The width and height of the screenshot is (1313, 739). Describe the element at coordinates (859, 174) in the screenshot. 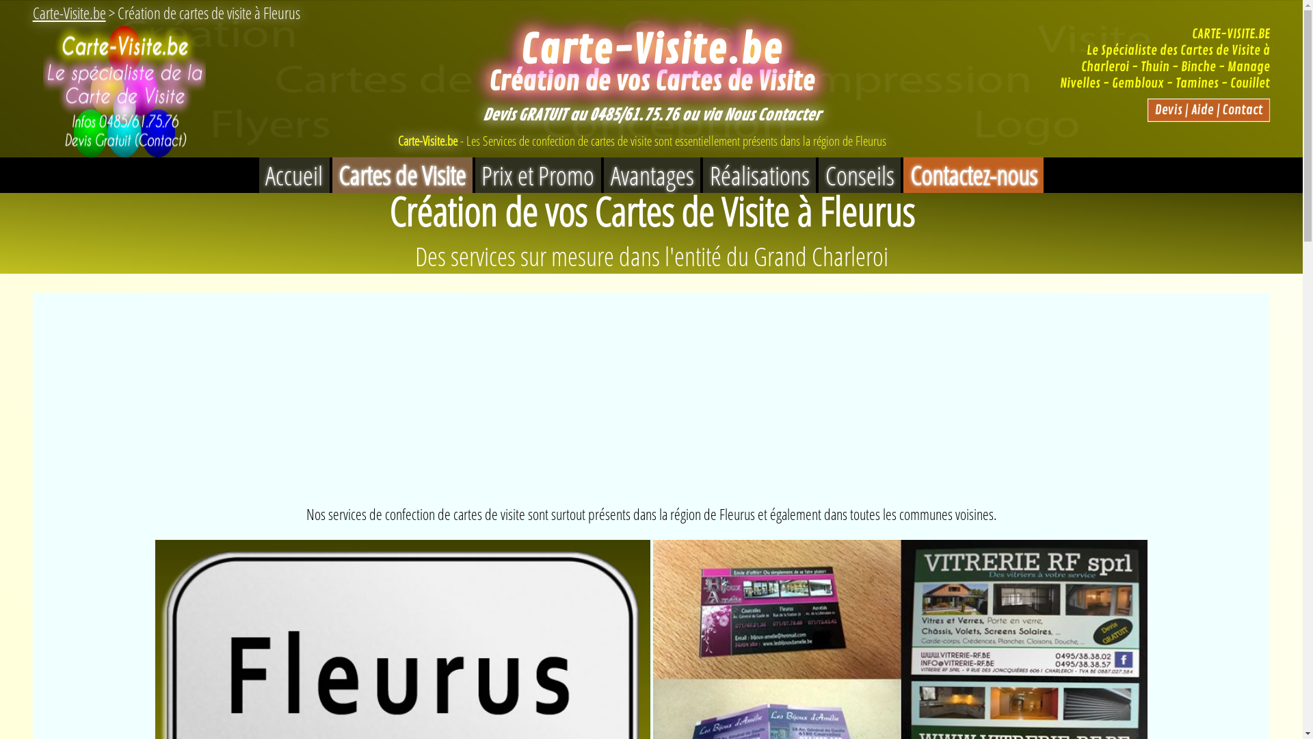

I see `'Conseils'` at that location.